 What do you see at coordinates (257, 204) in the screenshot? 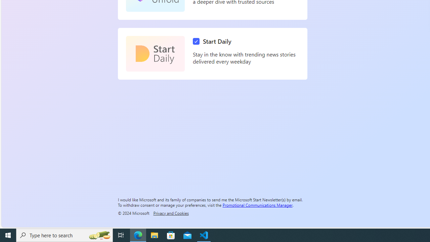
I see `'Promotional Communications Manager'` at bounding box center [257, 204].